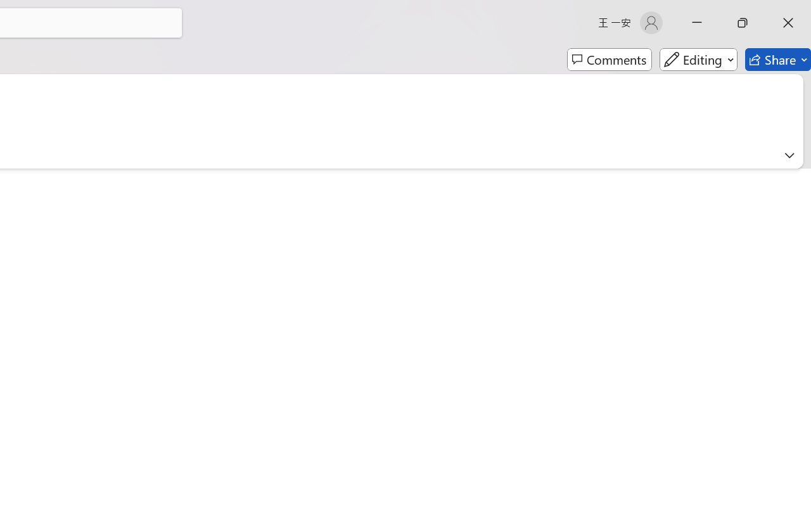 Image resolution: width=811 pixels, height=507 pixels. What do you see at coordinates (777, 60) in the screenshot?
I see `'Share'` at bounding box center [777, 60].